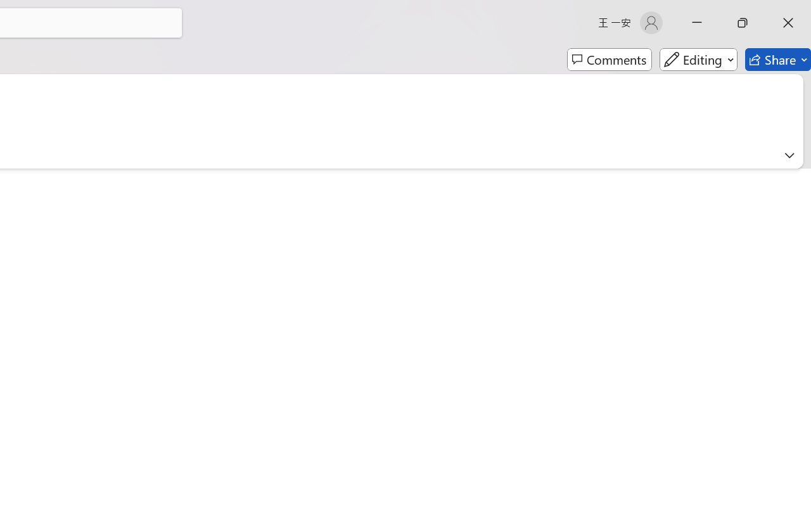 Image resolution: width=811 pixels, height=507 pixels. What do you see at coordinates (777, 60) in the screenshot?
I see `'Share'` at bounding box center [777, 60].